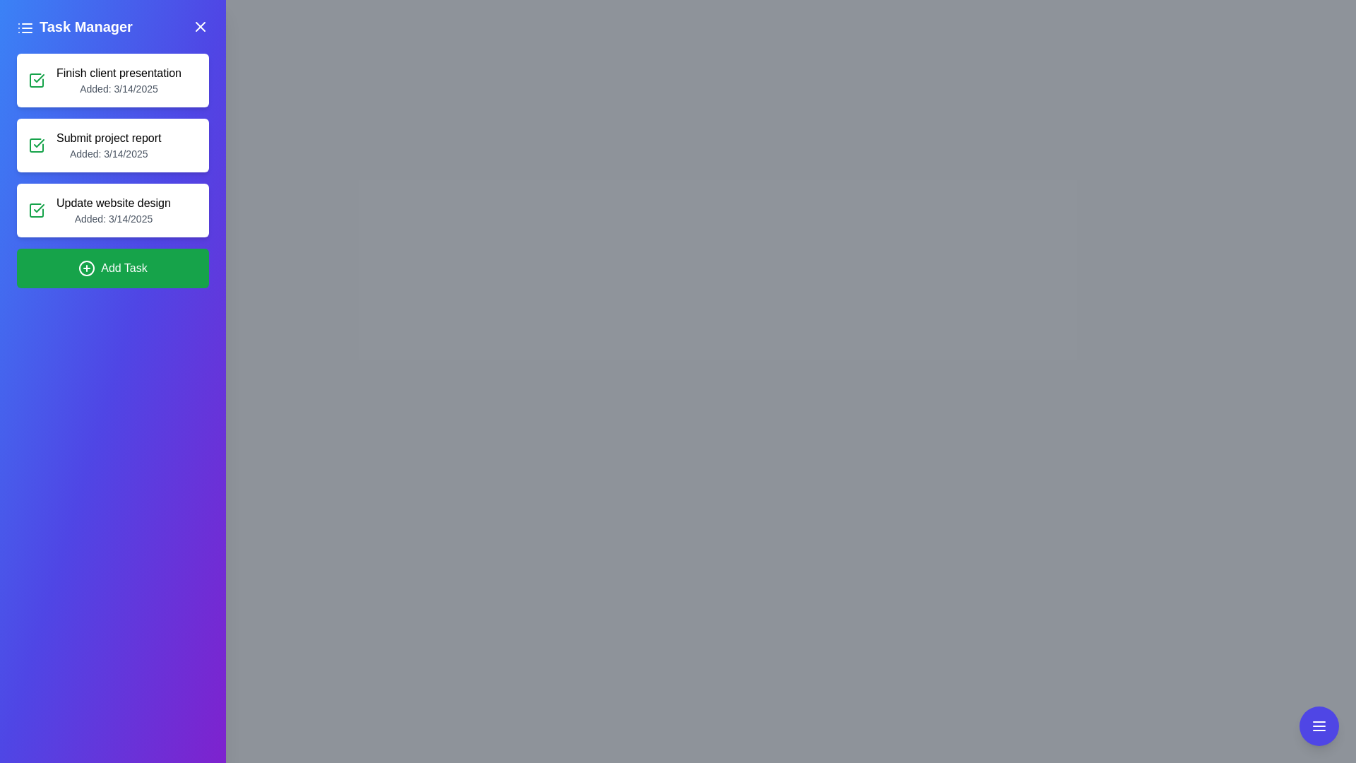 The image size is (1356, 763). I want to click on the text label displaying 'Finish client presentation' in the task management section on the left side of the interface, so click(119, 73).